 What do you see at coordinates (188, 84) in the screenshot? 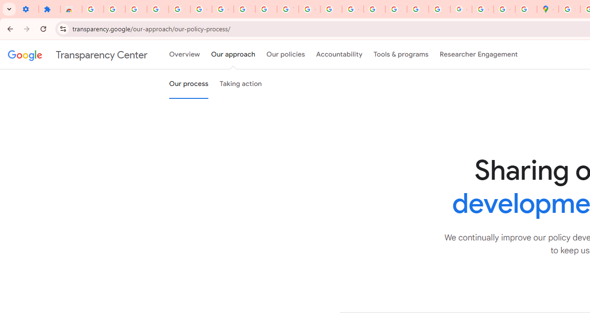
I see `'Our process'` at bounding box center [188, 84].